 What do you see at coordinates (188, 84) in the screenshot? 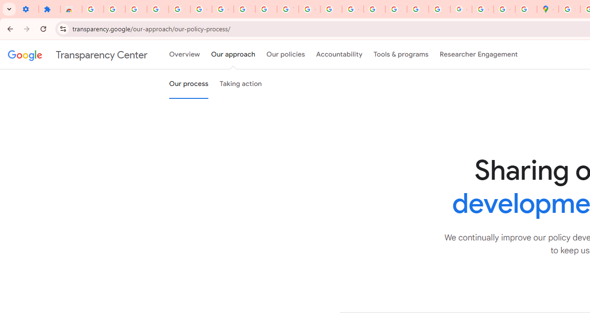
I see `'Our process'` at bounding box center [188, 84].